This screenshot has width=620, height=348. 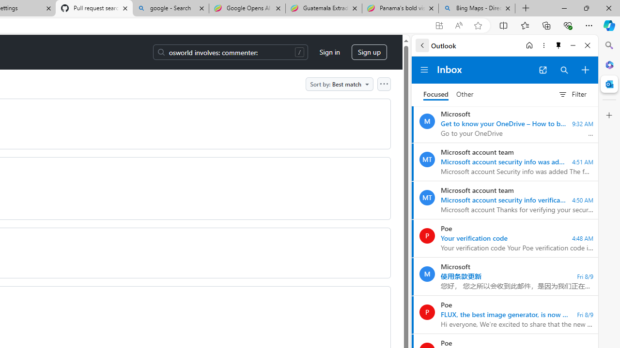 I want to click on 'google - Search', so click(x=170, y=8).